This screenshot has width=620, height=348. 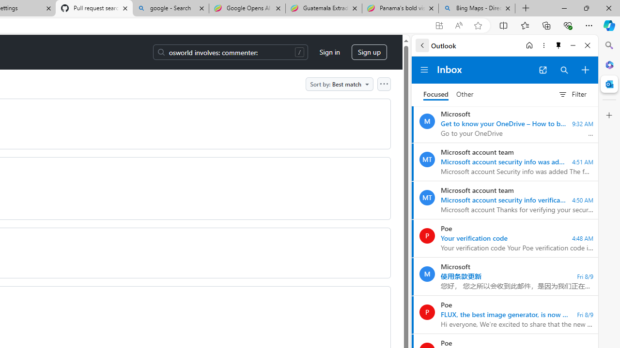 I want to click on 'google - Search', so click(x=170, y=8).